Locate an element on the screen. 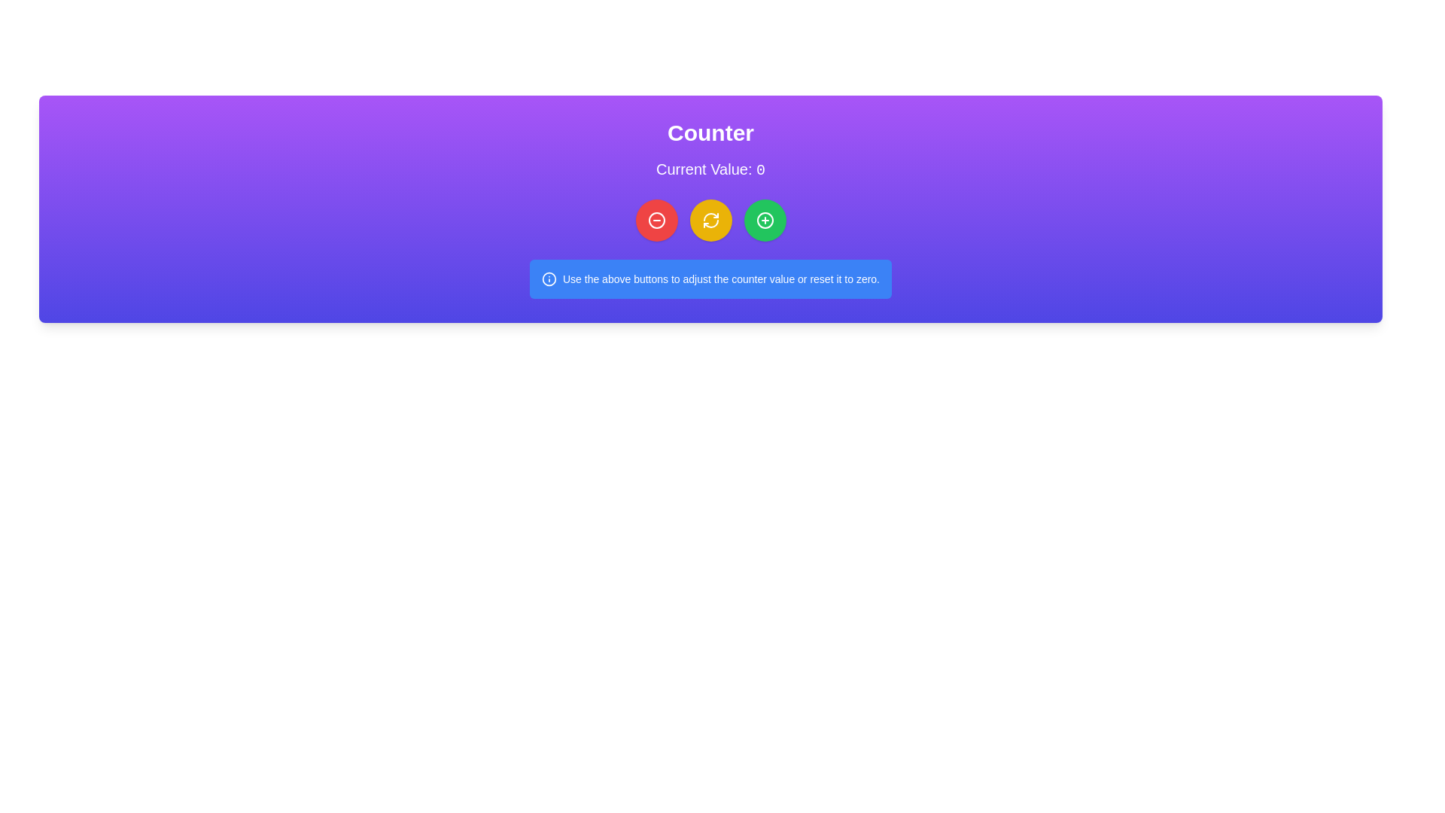 The height and width of the screenshot is (813, 1445). the red circular icon button, which has a white border and a white horizontal line resembling a minus sign, for animations is located at coordinates (656, 221).